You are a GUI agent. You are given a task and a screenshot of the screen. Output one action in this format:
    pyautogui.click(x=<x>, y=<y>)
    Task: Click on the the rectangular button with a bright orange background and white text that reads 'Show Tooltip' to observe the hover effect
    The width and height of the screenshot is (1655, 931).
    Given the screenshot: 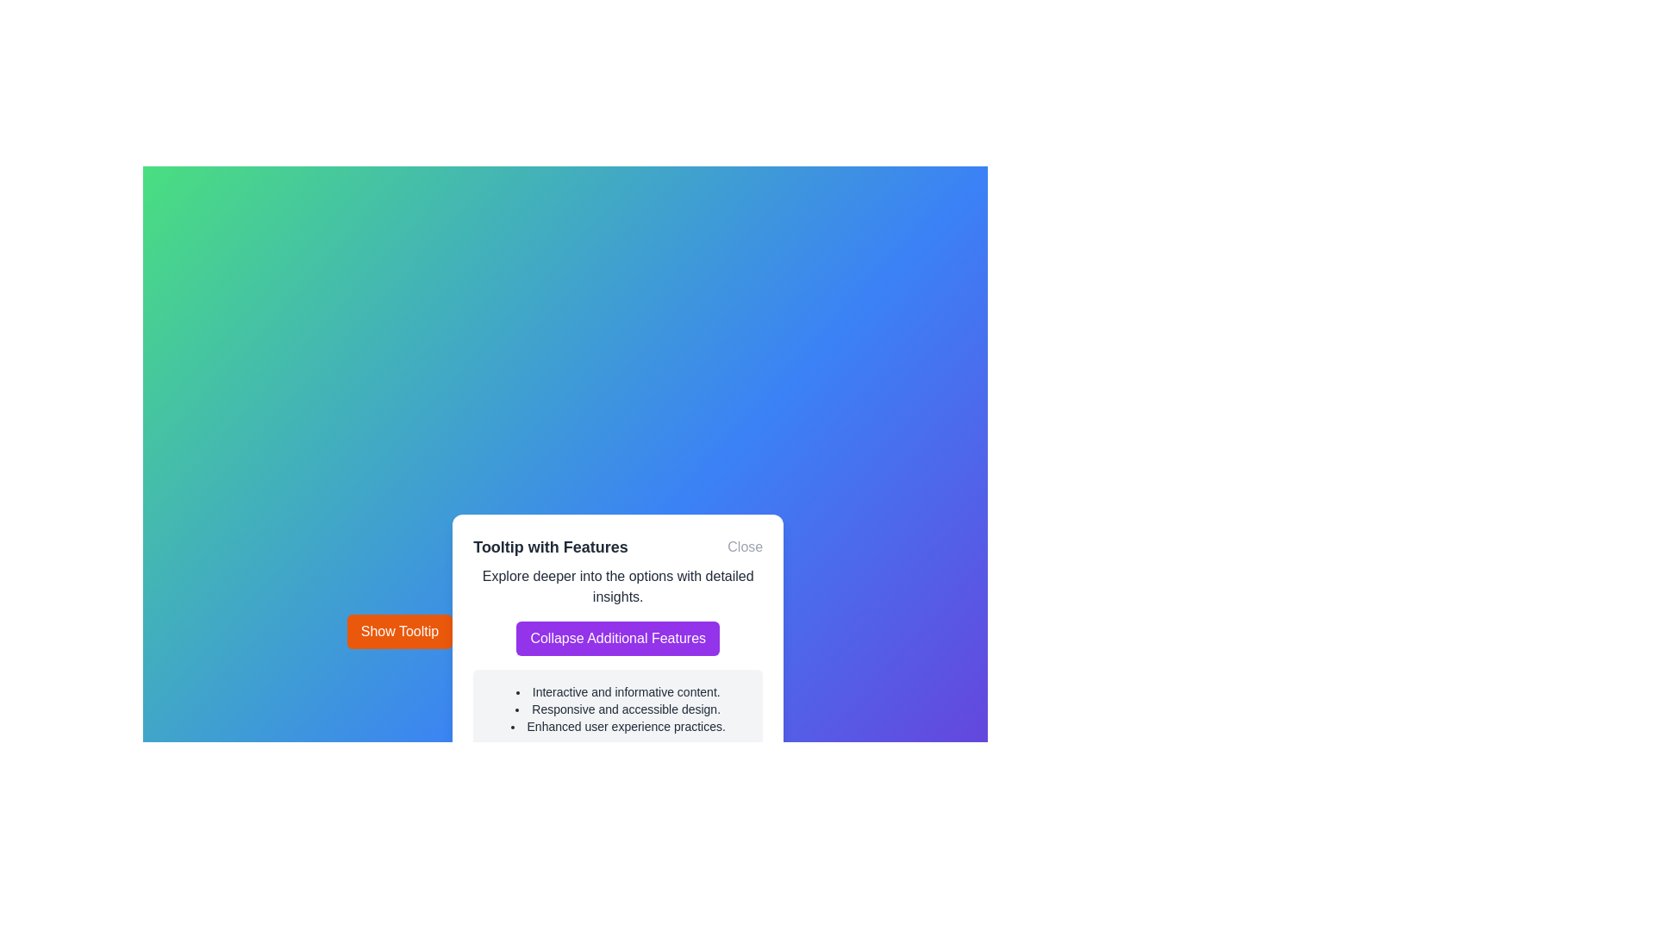 What is the action you would take?
    pyautogui.click(x=399, y=631)
    